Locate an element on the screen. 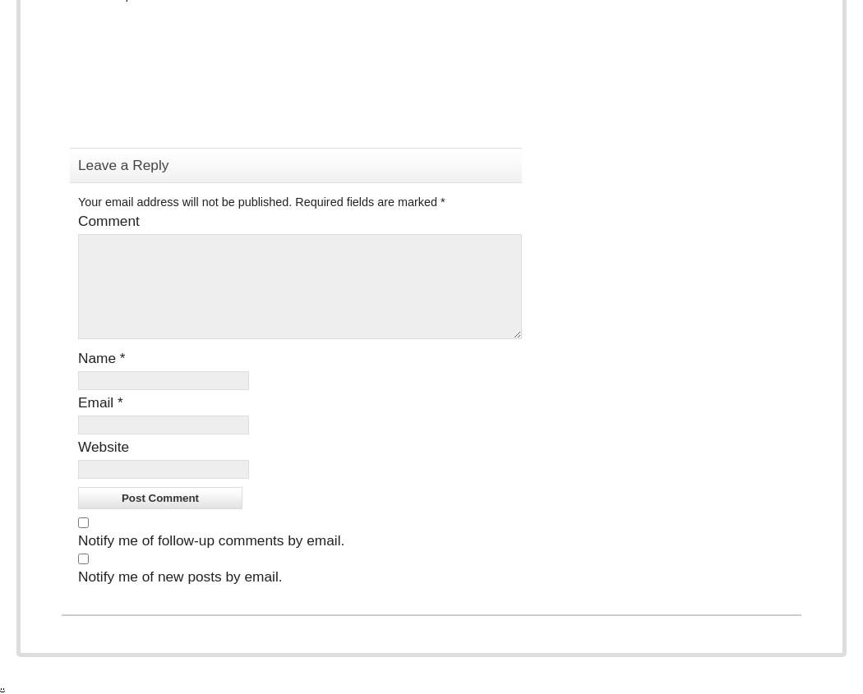 The image size is (863, 694). 'Notify me of follow-up comments by email.' is located at coordinates (211, 540).